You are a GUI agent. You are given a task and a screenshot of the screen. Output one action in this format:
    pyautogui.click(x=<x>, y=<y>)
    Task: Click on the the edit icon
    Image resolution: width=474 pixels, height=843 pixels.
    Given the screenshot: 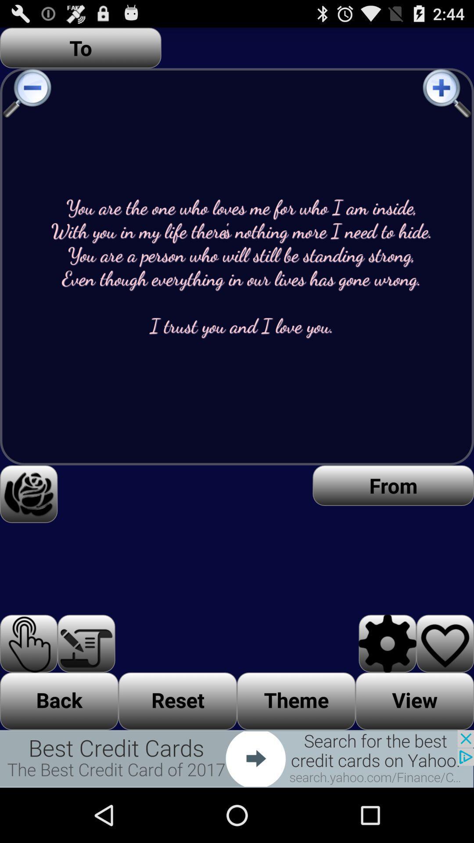 What is the action you would take?
    pyautogui.click(x=86, y=688)
    